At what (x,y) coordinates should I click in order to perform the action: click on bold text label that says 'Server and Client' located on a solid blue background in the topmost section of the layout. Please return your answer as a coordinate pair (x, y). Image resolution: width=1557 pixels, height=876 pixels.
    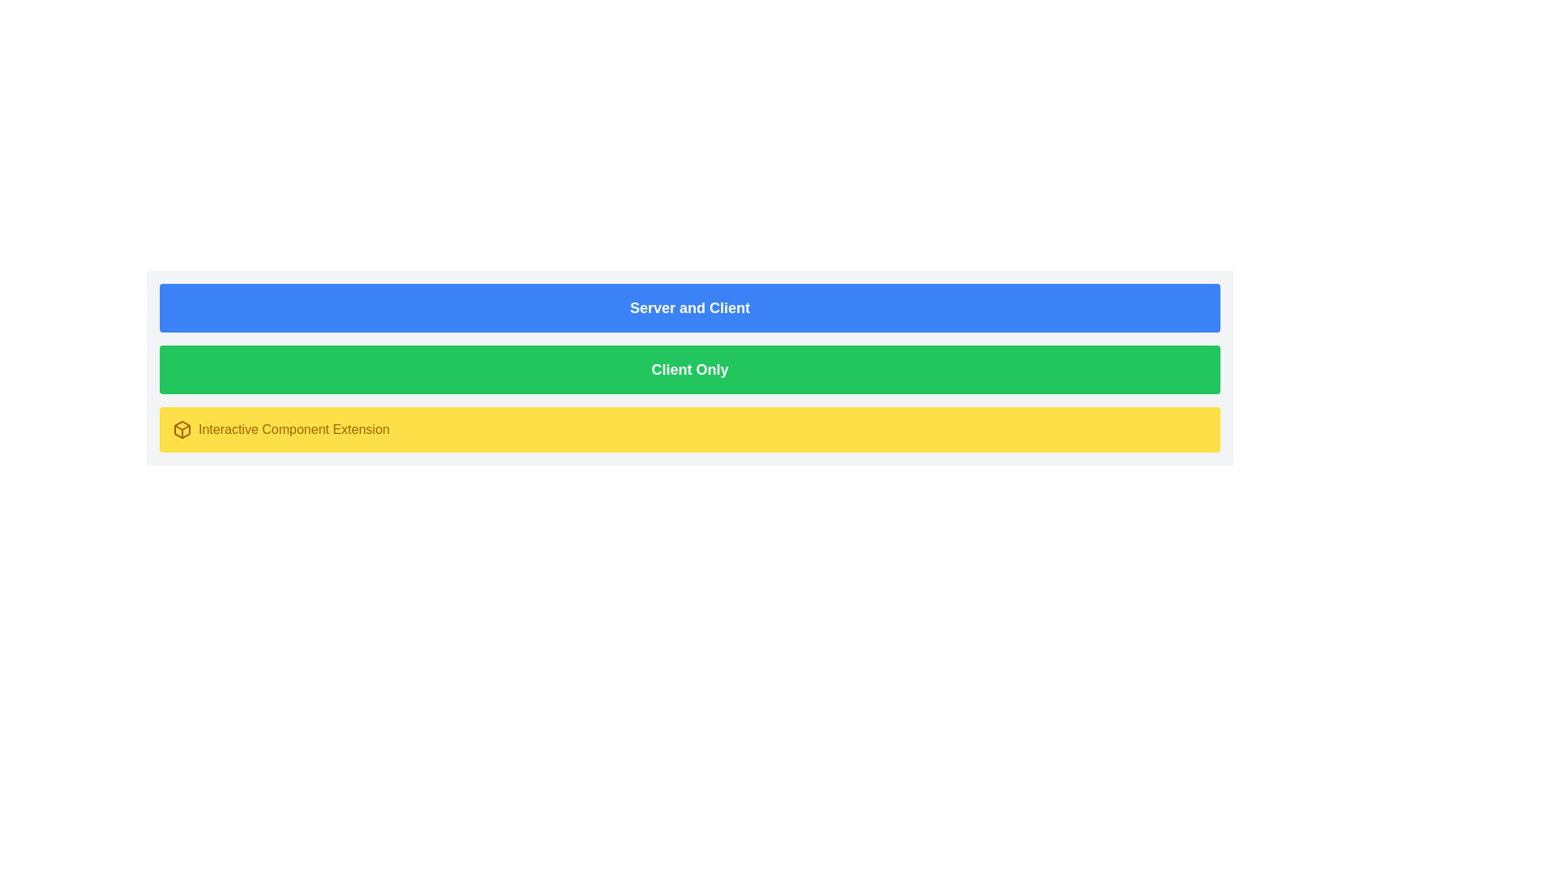
    Looking at the image, I should click on (689, 308).